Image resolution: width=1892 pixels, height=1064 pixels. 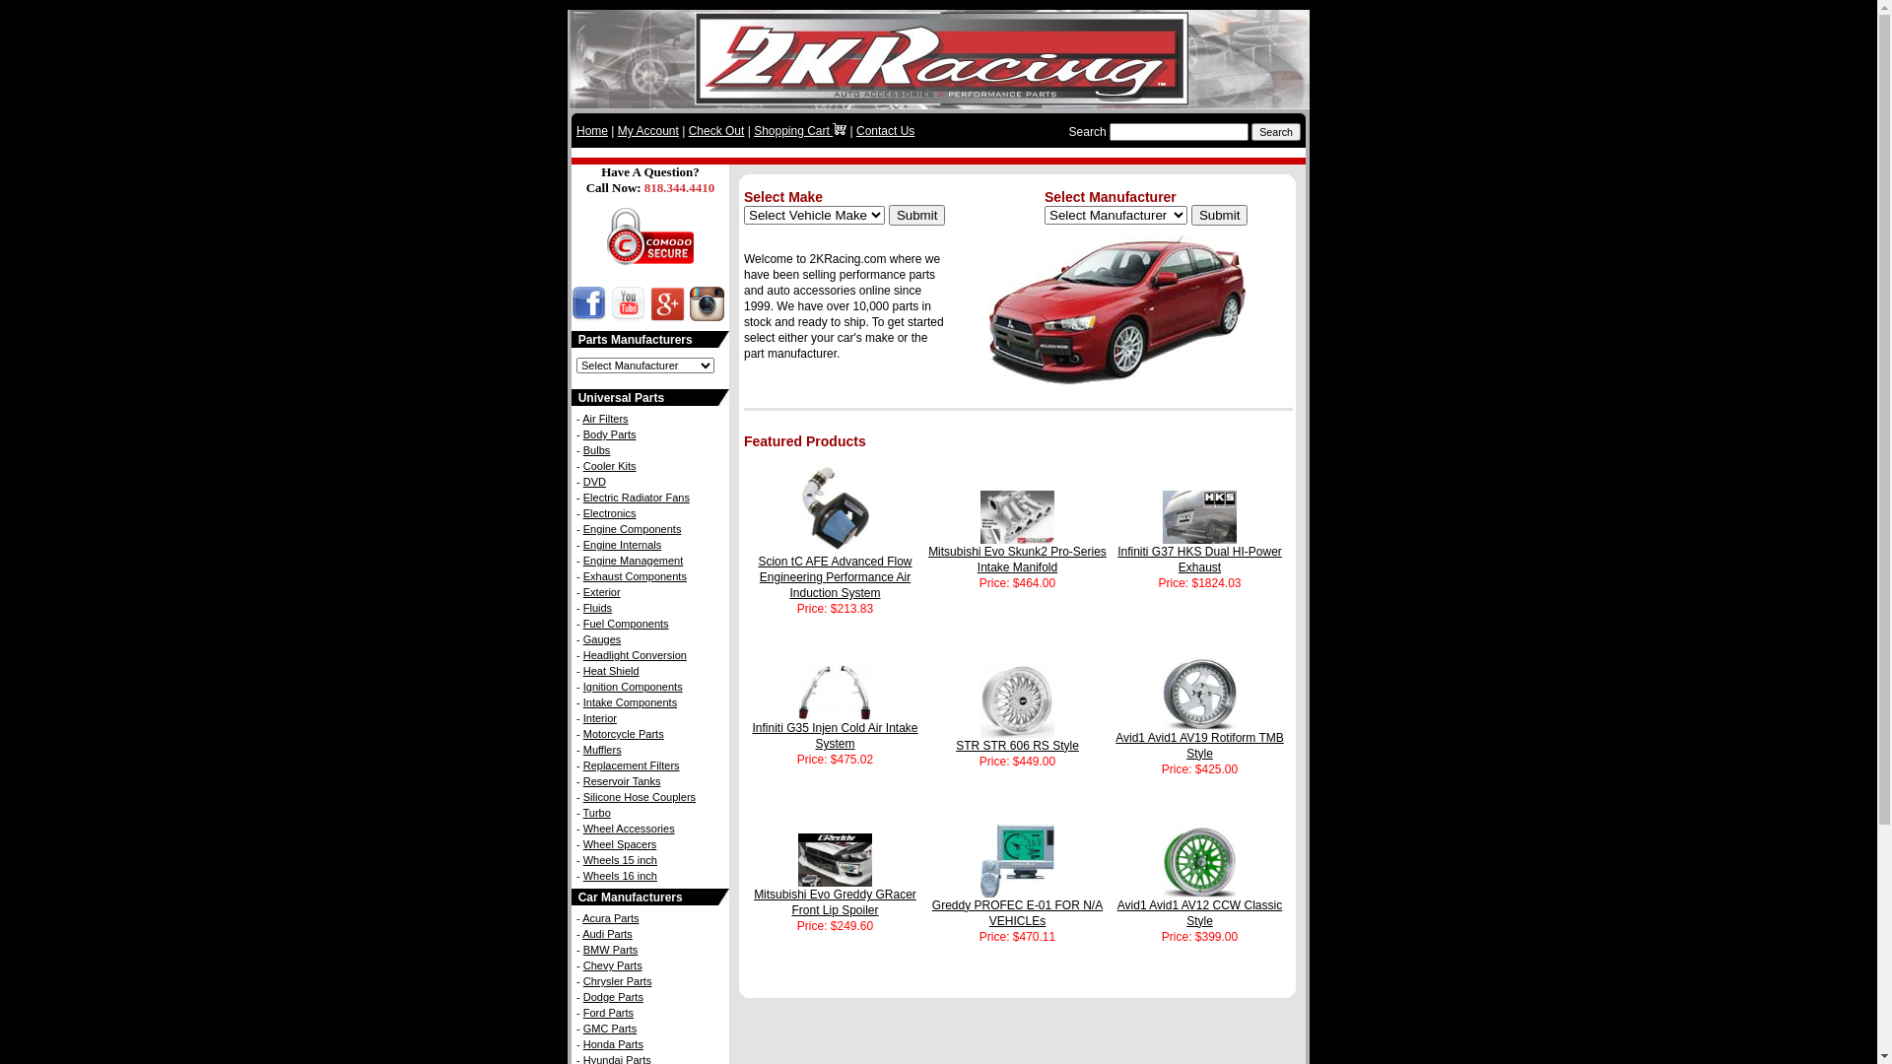 What do you see at coordinates (635, 654) in the screenshot?
I see `'Headlight Conversion'` at bounding box center [635, 654].